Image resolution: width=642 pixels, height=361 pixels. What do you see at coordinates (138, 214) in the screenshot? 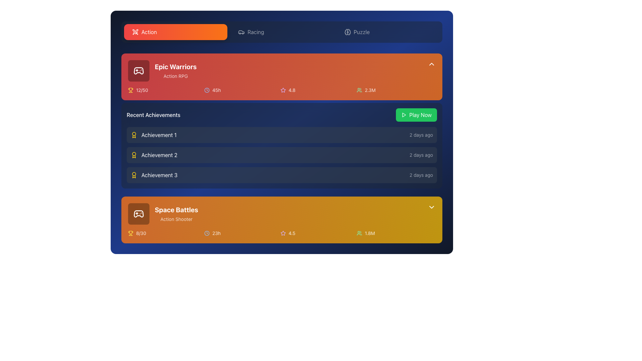
I see `the square icon button with rounded corners and a semi-transparent black background containing a white outlined game controller, located in the 'Space Battles' and 'Action Shooter' card` at bounding box center [138, 214].